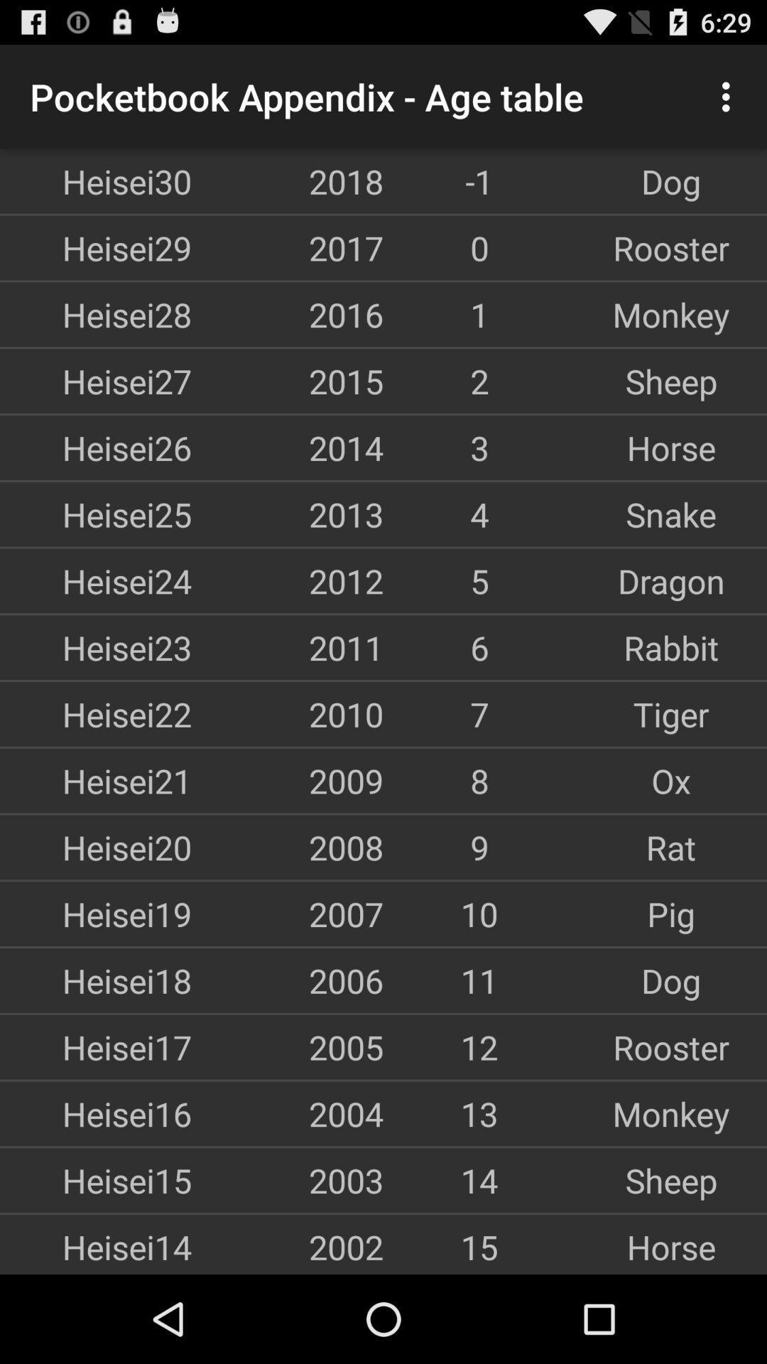 Image resolution: width=767 pixels, height=1364 pixels. What do you see at coordinates (288, 980) in the screenshot?
I see `the item next to the 11 icon` at bounding box center [288, 980].